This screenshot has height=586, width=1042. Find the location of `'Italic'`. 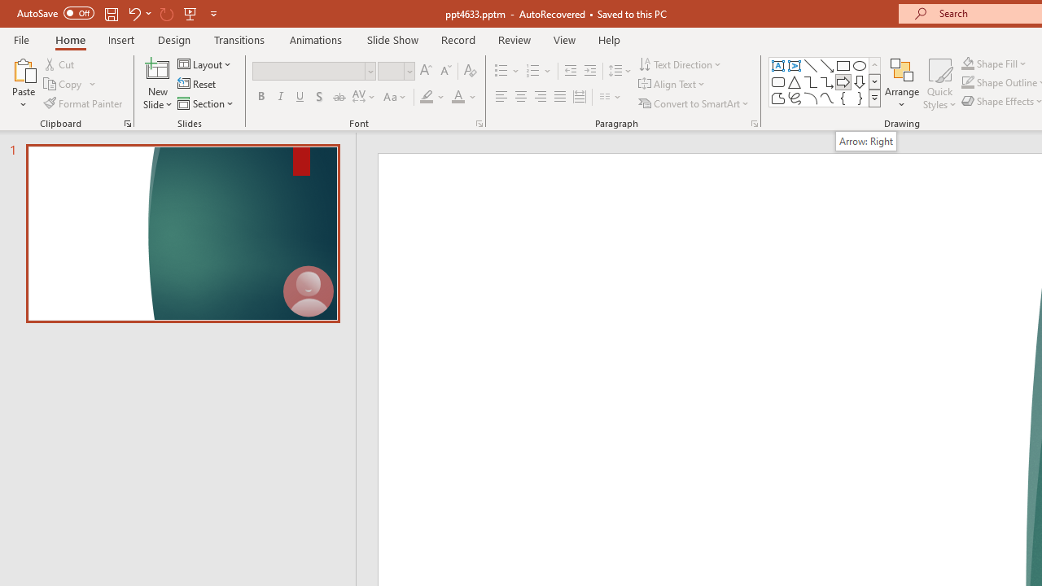

'Italic' is located at coordinates (280, 97).